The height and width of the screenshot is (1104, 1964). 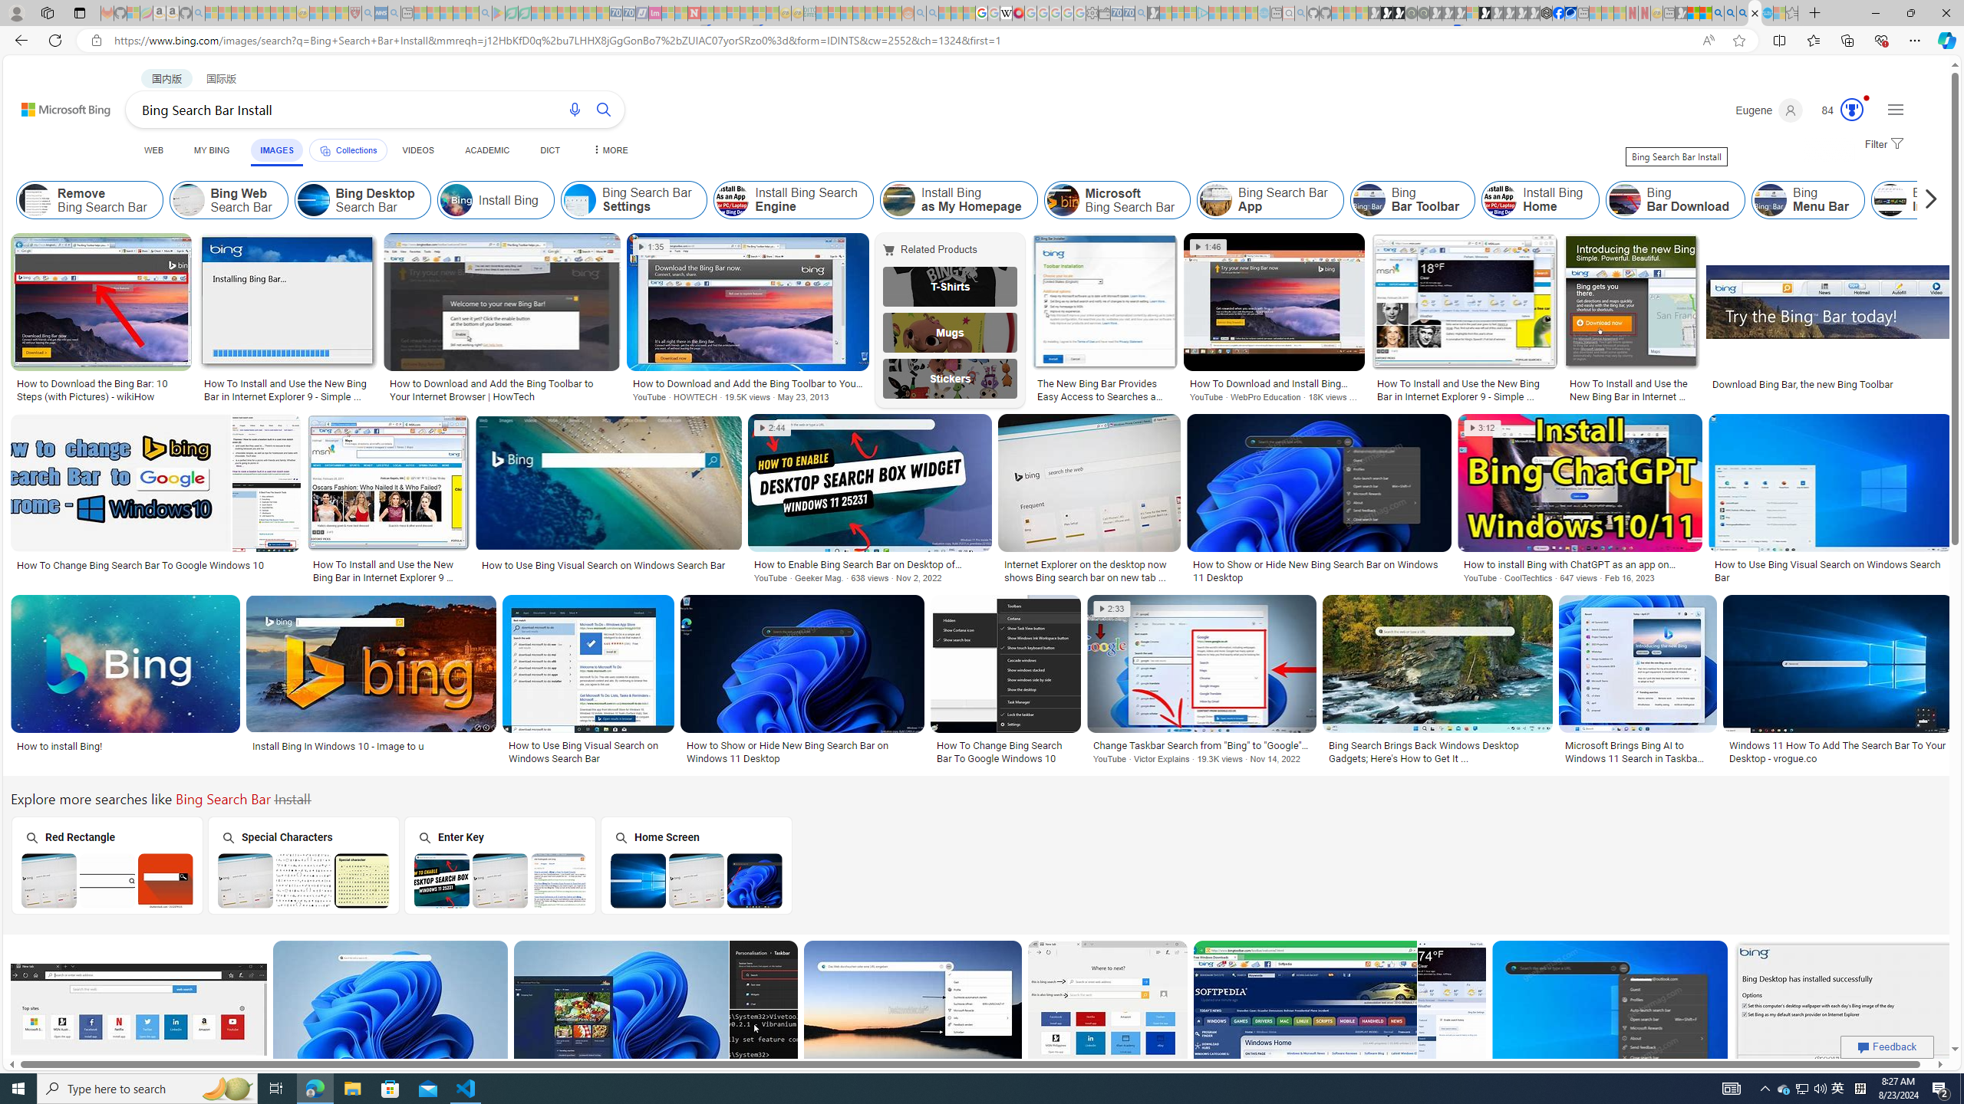 I want to click on 'Back to Bing search', so click(x=56, y=105).